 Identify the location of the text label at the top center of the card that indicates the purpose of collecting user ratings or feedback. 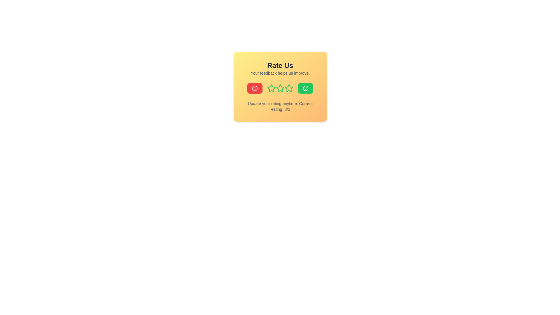
(280, 65).